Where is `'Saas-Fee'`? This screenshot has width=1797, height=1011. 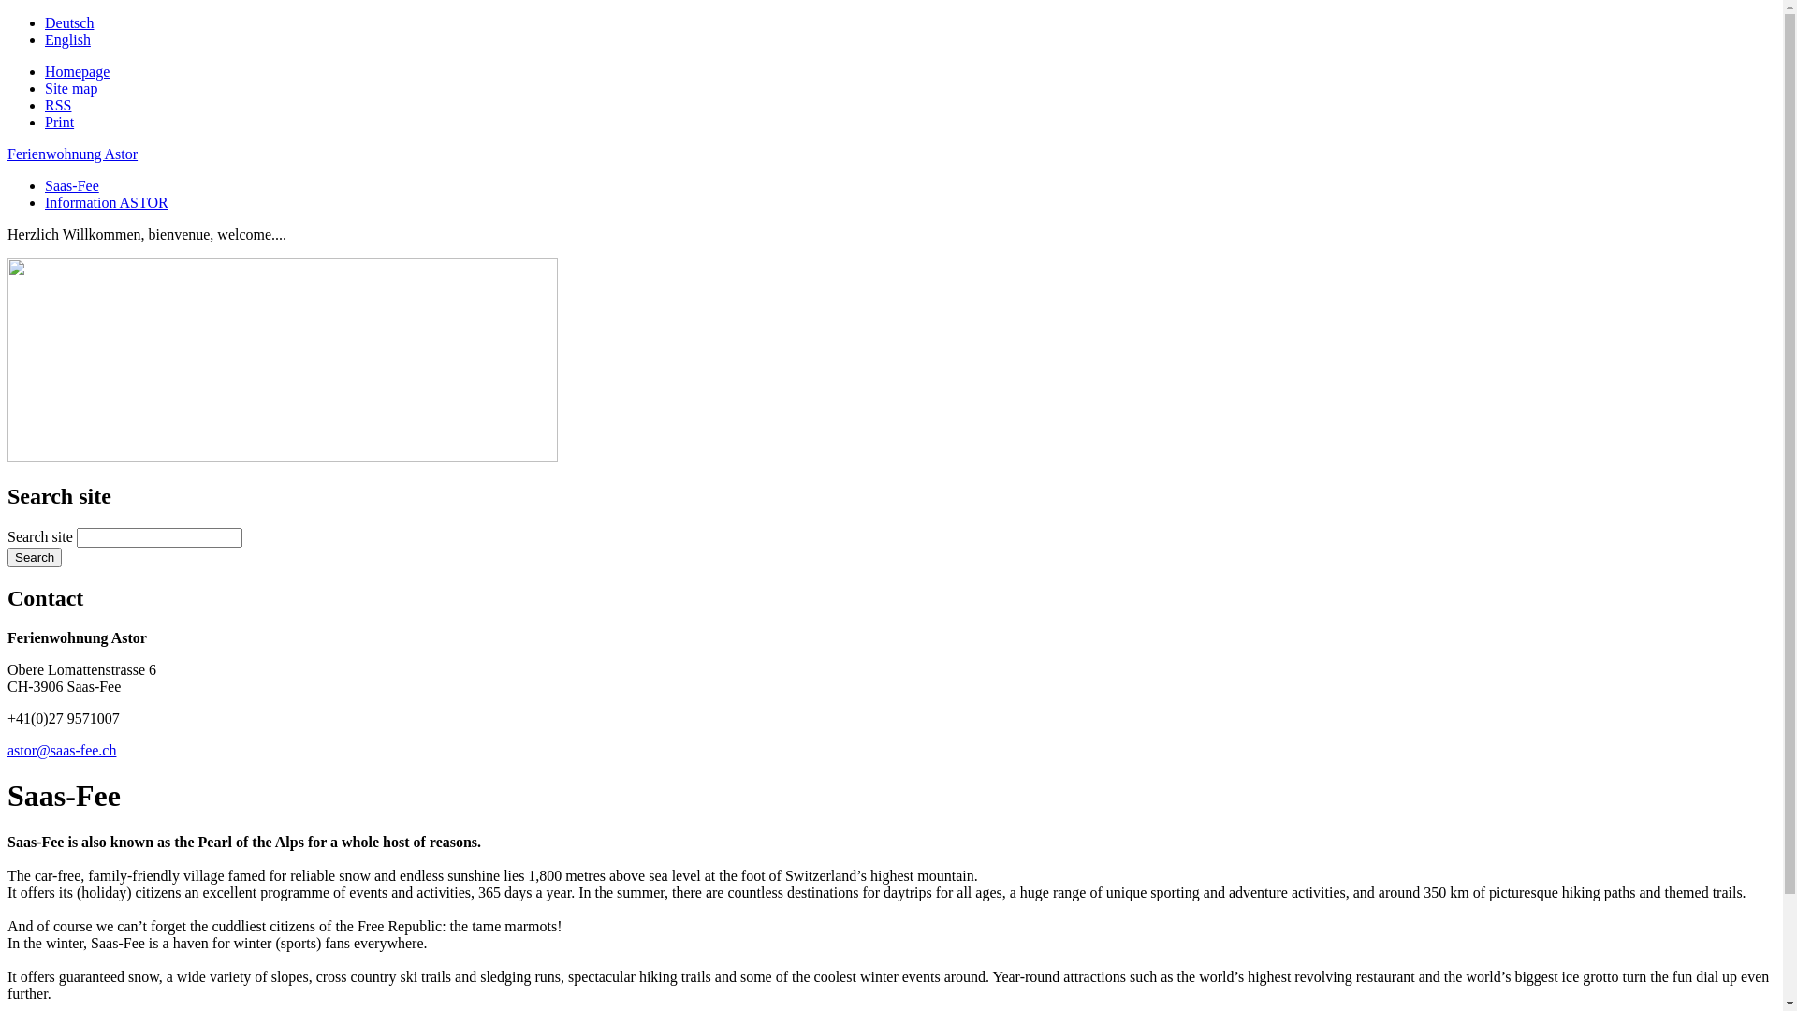
'Saas-Fee' is located at coordinates (45, 185).